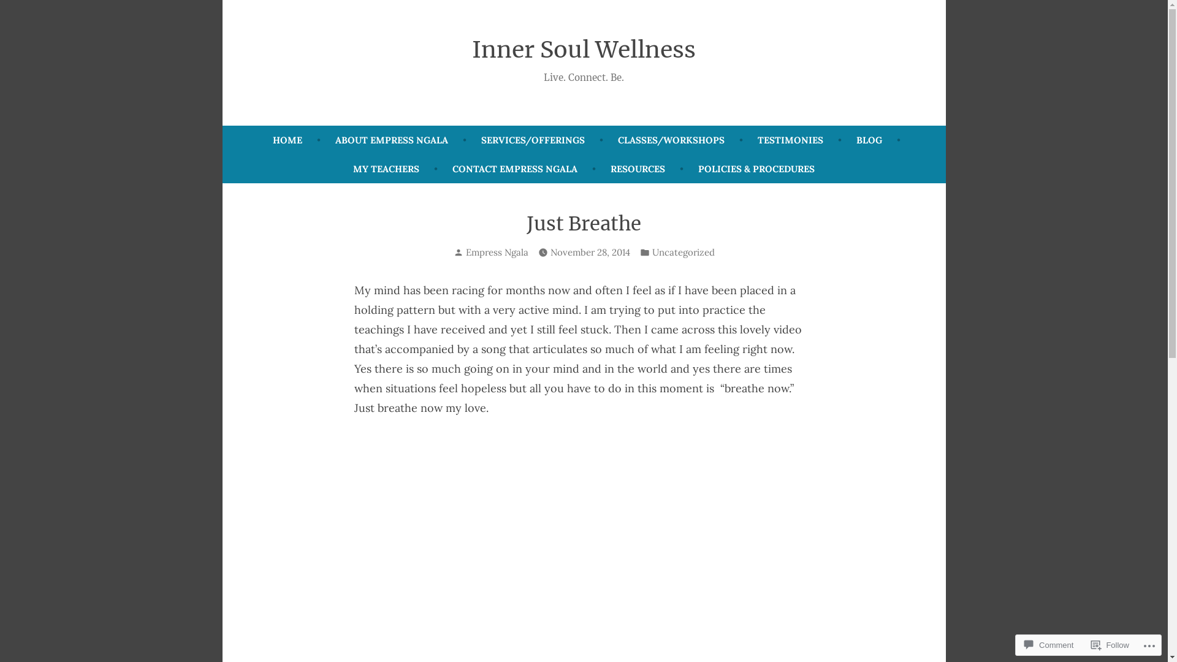 This screenshot has height=662, width=1177. What do you see at coordinates (497, 251) in the screenshot?
I see `'Empress Ngala'` at bounding box center [497, 251].